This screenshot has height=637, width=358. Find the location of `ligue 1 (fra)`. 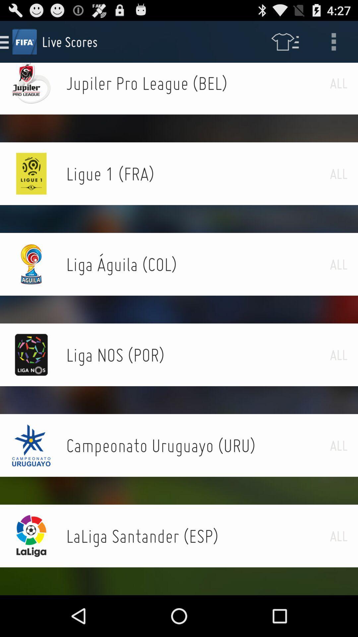

ligue 1 (fra) is located at coordinates (198, 174).